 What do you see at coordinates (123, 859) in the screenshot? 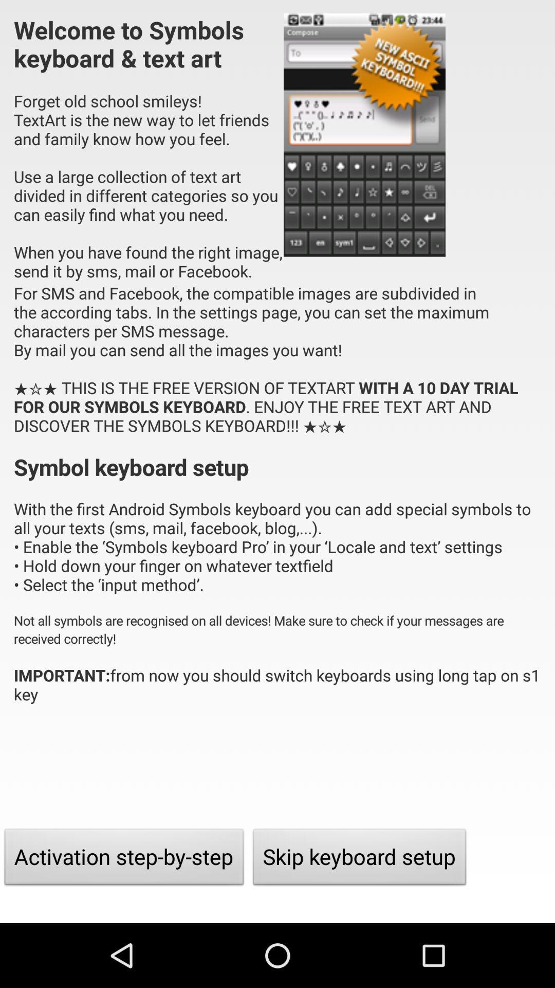
I see `the item next to the skip keyboard setup item` at bounding box center [123, 859].